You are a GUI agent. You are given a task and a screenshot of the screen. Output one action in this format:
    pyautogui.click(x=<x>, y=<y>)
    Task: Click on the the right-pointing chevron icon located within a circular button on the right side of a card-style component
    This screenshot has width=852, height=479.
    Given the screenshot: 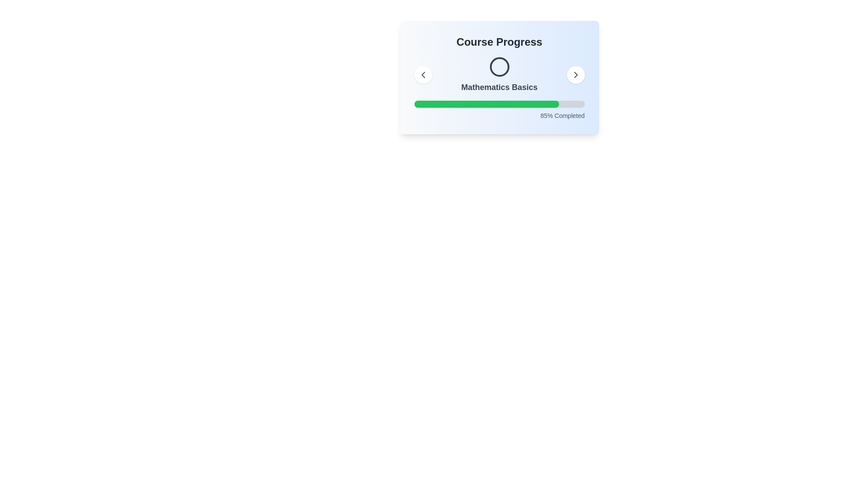 What is the action you would take?
    pyautogui.click(x=576, y=75)
    